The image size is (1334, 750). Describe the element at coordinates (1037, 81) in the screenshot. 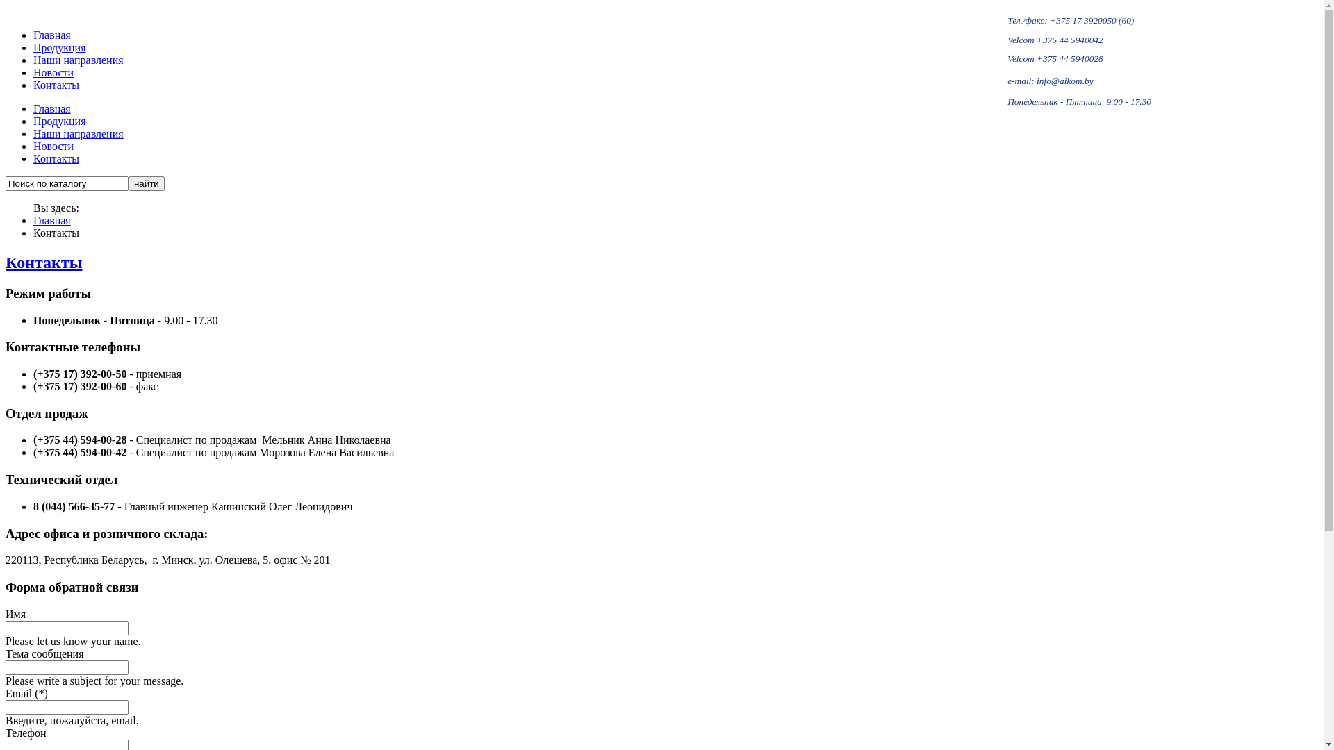

I see `'info@aikom.by'` at that location.